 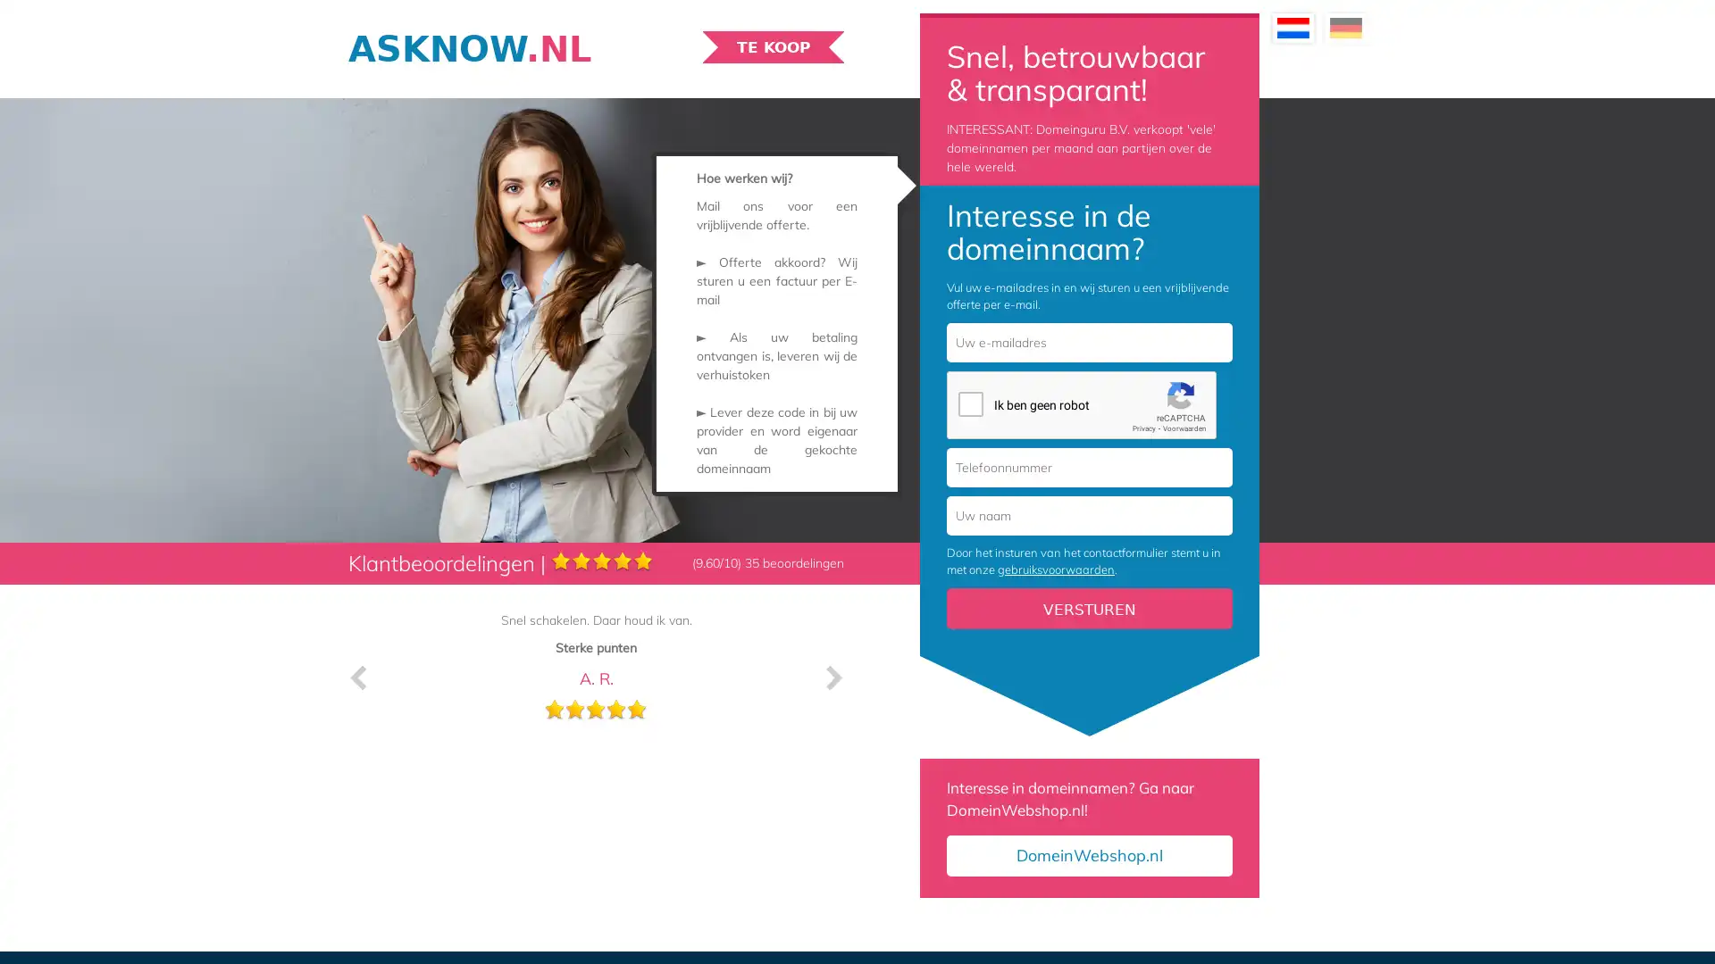 What do you see at coordinates (1088, 607) in the screenshot?
I see `Versturen` at bounding box center [1088, 607].